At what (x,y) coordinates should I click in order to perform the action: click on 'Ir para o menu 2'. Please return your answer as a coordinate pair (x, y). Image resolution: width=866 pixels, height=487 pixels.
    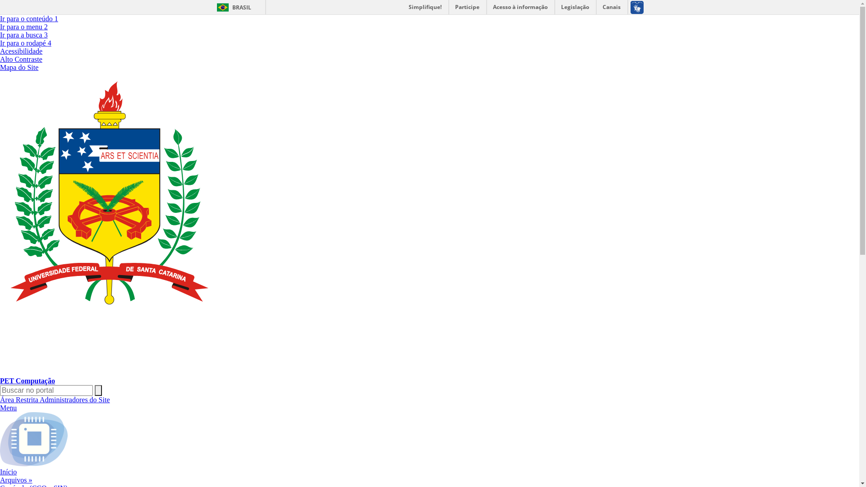
    Looking at the image, I should click on (23, 26).